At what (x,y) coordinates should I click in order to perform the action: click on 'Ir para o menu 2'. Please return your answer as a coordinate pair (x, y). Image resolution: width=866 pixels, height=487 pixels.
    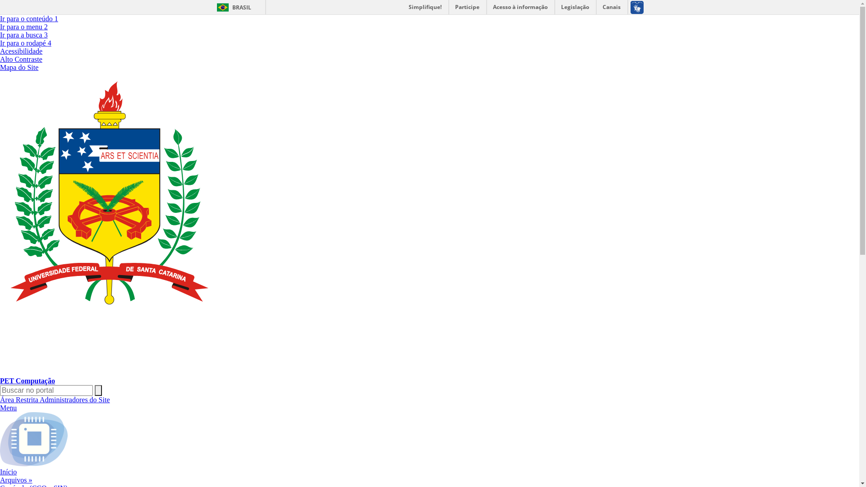
    Looking at the image, I should click on (23, 26).